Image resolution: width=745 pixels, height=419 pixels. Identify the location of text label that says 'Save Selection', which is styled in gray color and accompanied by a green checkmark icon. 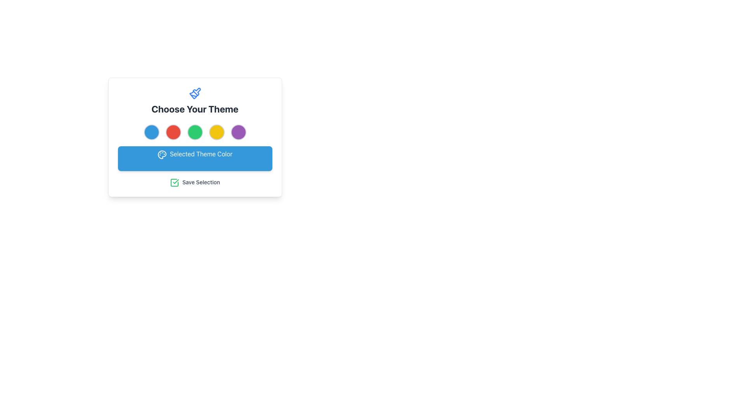
(195, 182).